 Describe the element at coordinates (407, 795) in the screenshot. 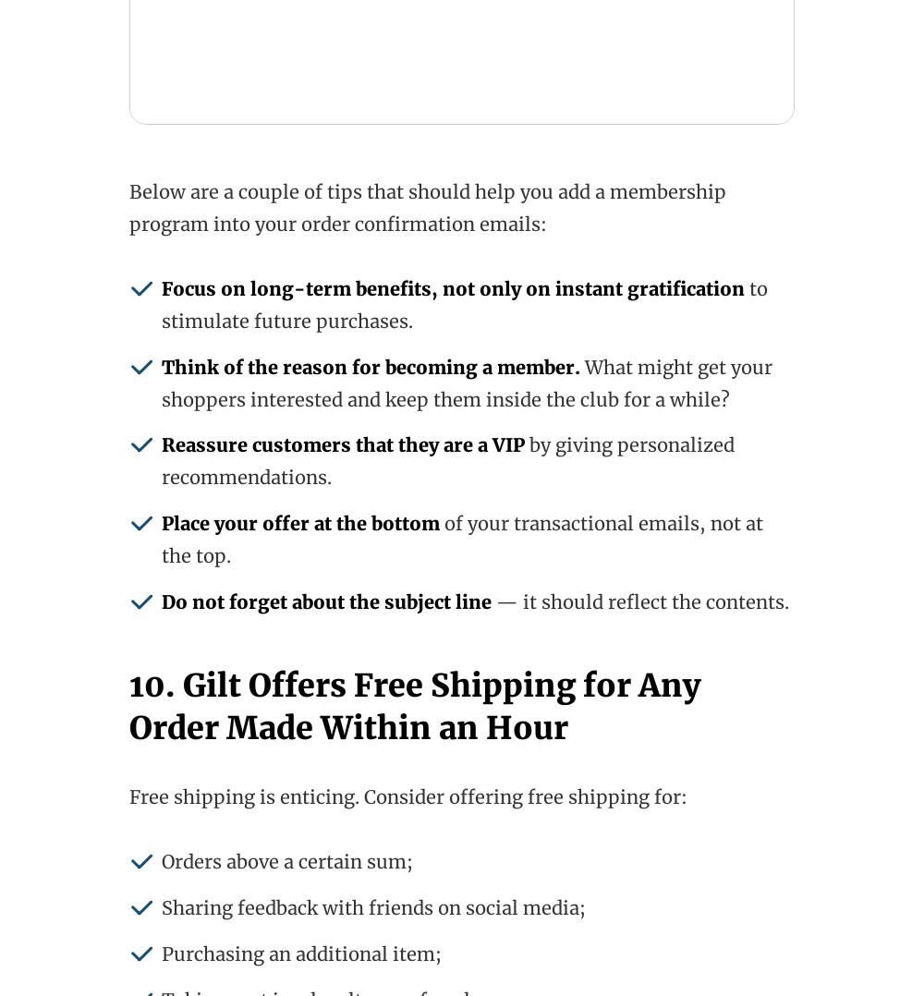

I see `'Free shipping is enticing. Consider offering free shipping for:'` at that location.